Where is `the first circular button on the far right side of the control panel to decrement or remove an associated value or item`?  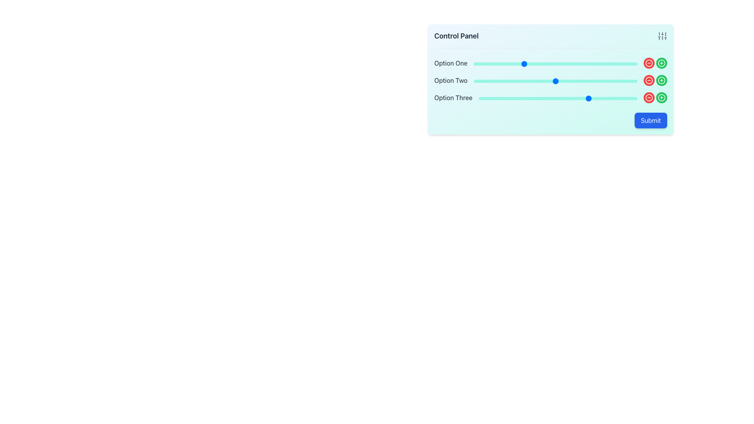 the first circular button on the far right side of the control panel to decrement or remove an associated value or item is located at coordinates (649, 80).